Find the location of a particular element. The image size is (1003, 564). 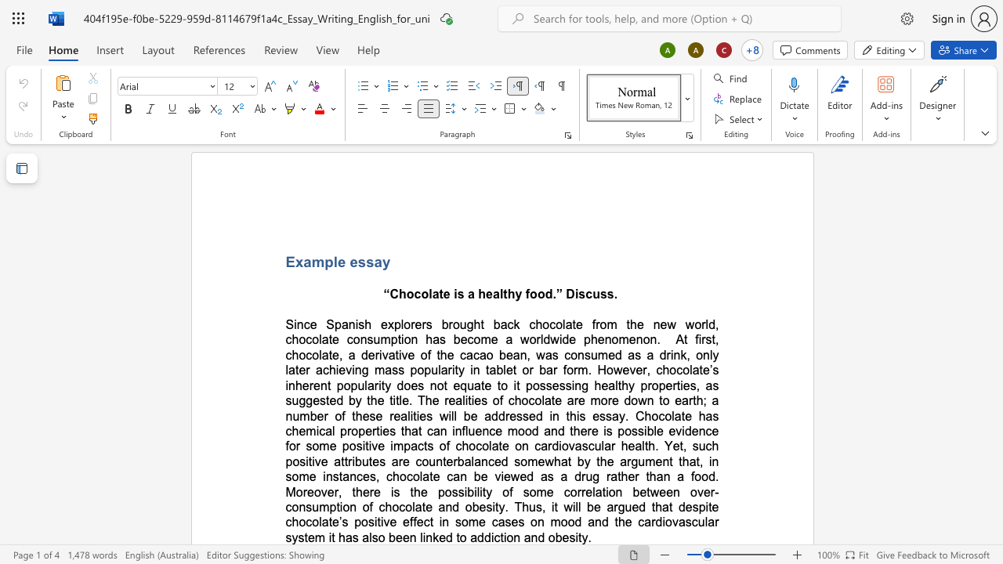

the space between the continuous character "e" and "e" in the text is located at coordinates (402, 537).